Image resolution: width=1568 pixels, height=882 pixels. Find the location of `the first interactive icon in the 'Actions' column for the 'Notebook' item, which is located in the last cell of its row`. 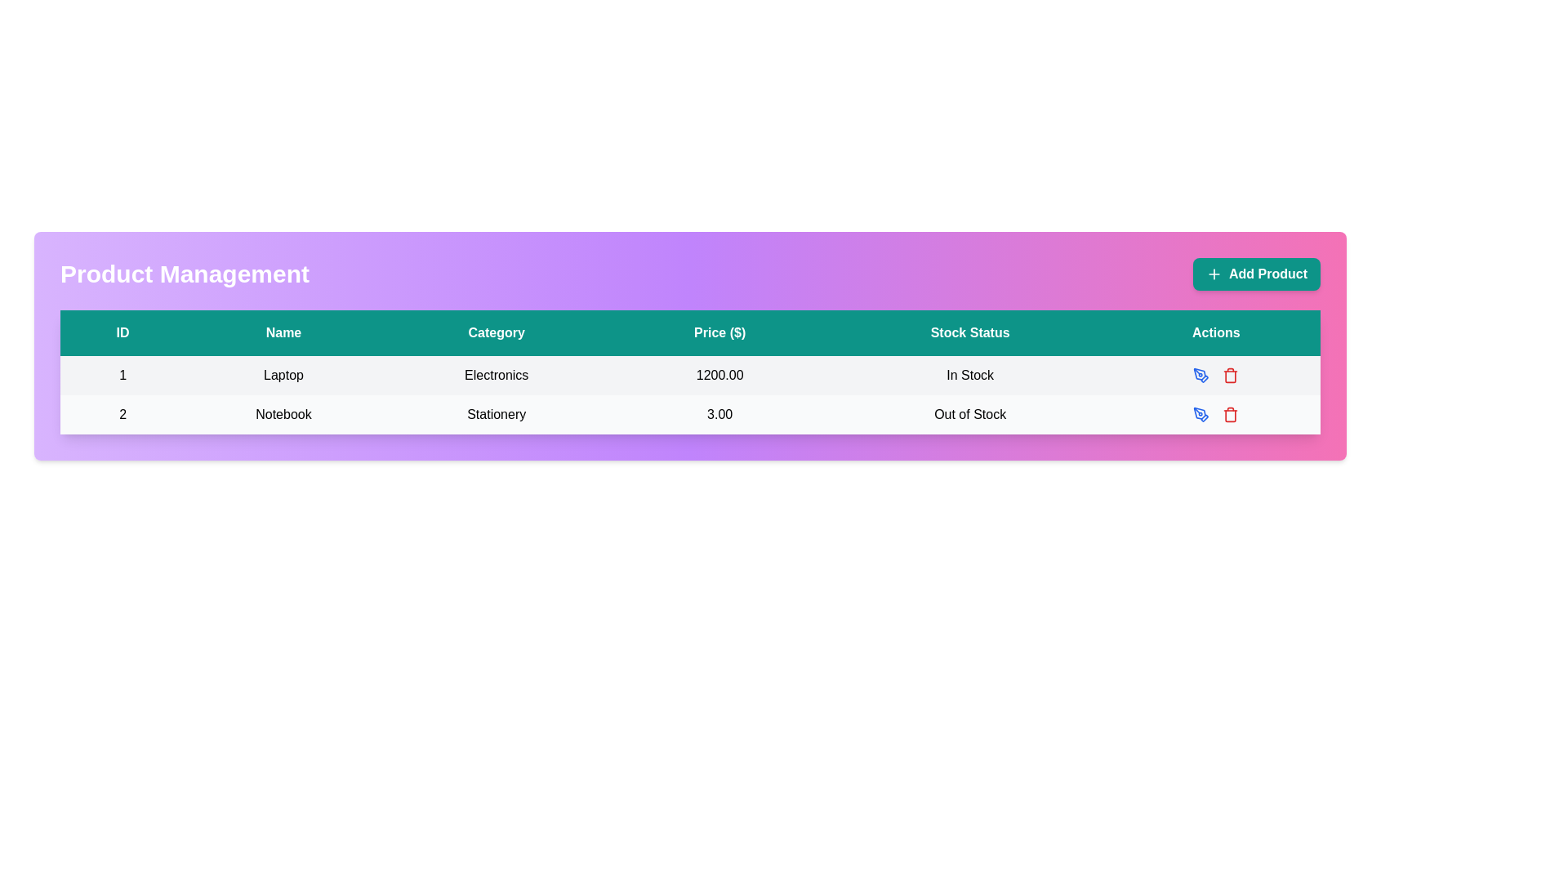

the first interactive icon in the 'Actions' column for the 'Notebook' item, which is located in the last cell of its row is located at coordinates (1216, 414).